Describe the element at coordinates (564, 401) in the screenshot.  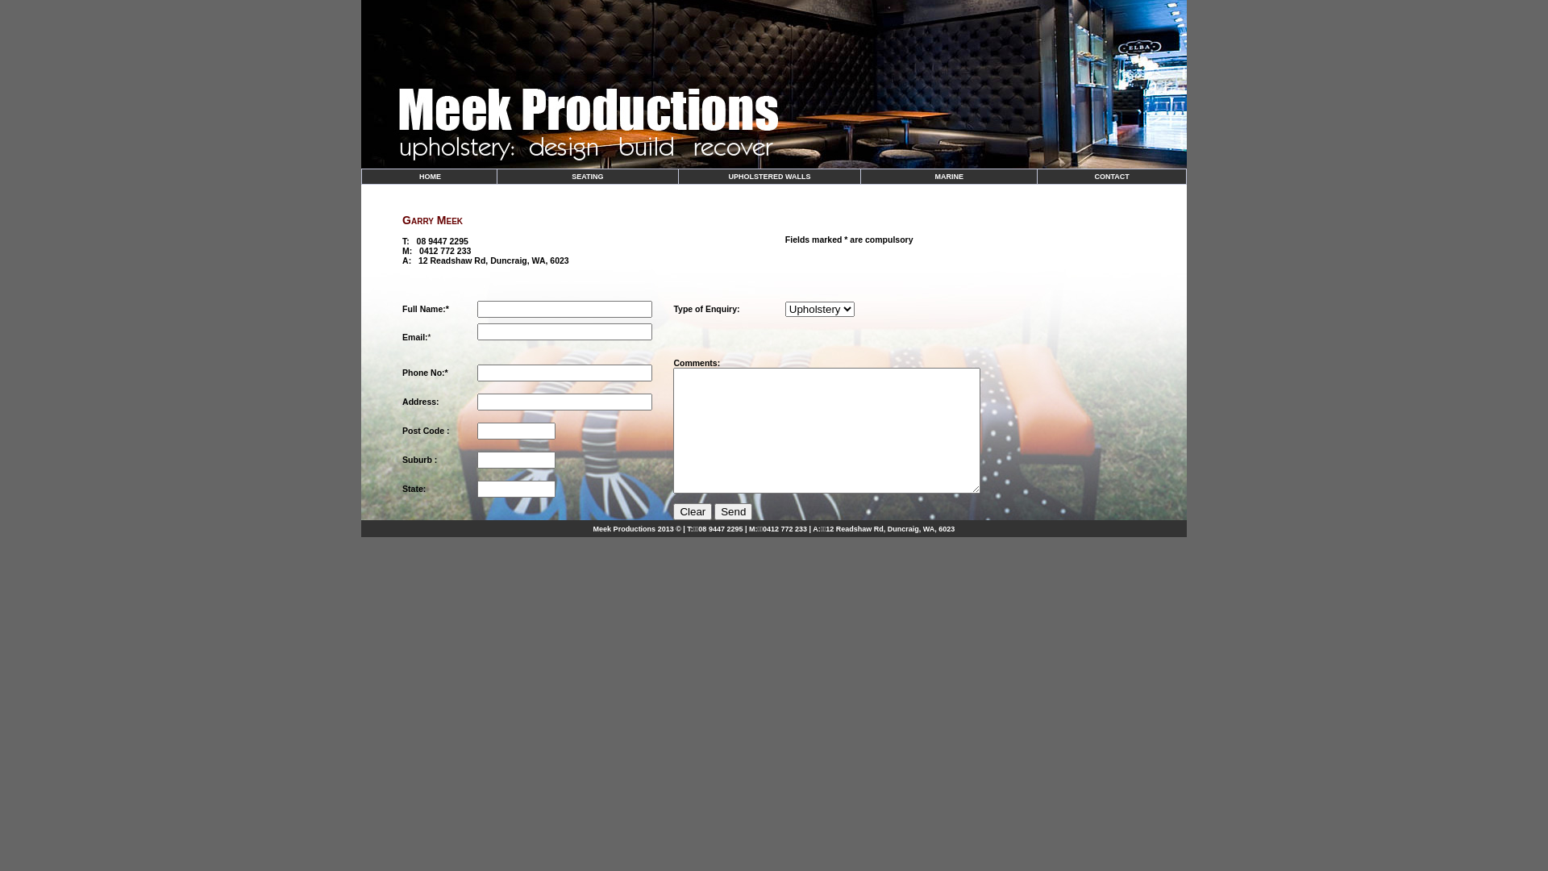
I see `'Enter your address'` at that location.